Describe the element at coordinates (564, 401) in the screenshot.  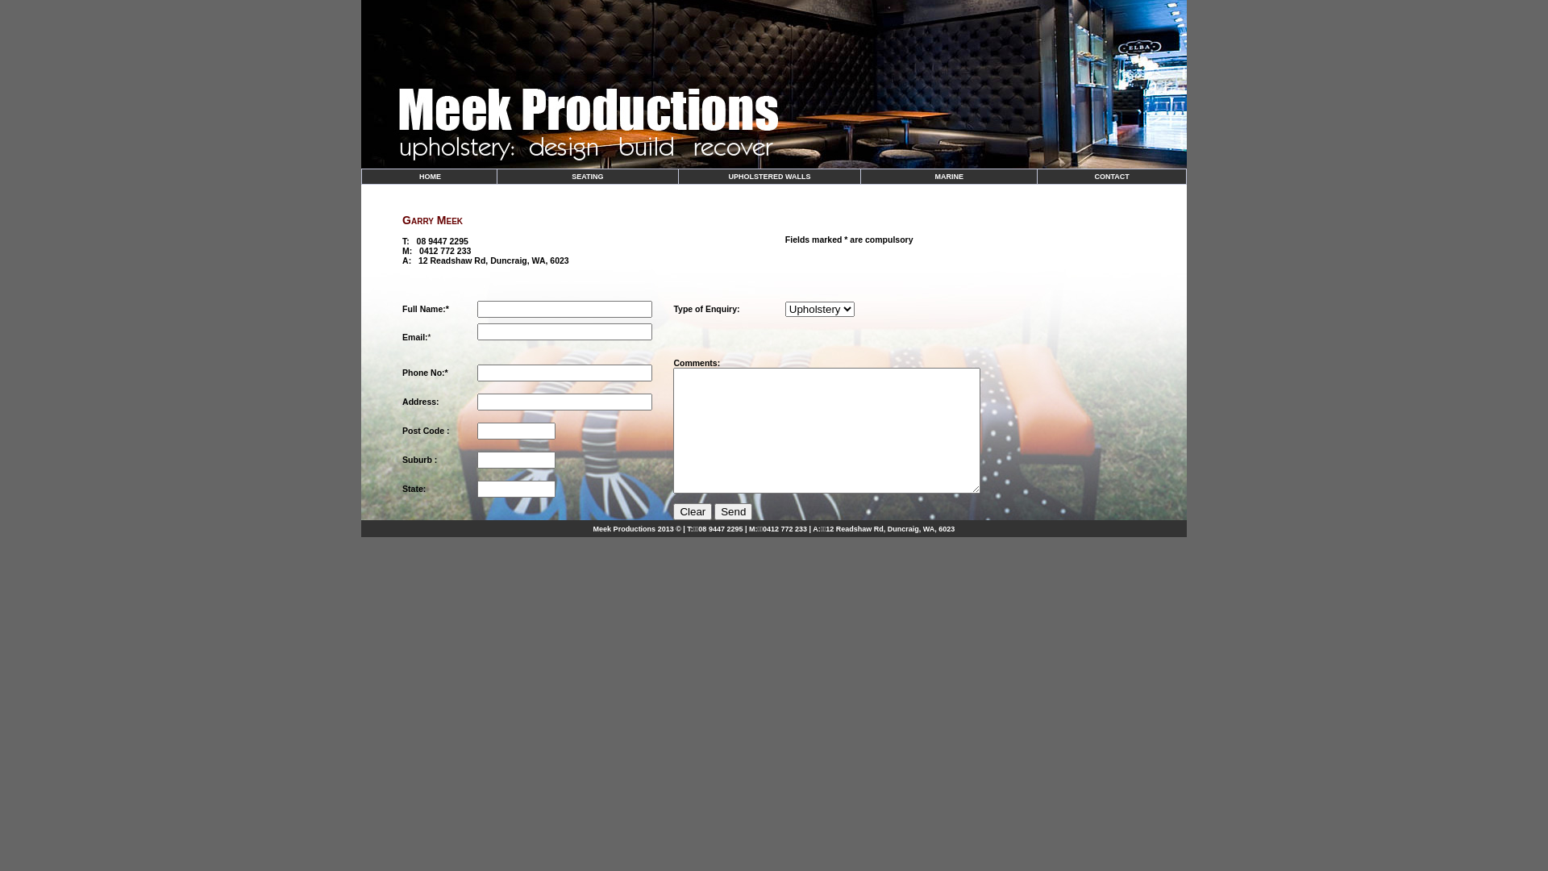
I see `'Enter your address'` at that location.